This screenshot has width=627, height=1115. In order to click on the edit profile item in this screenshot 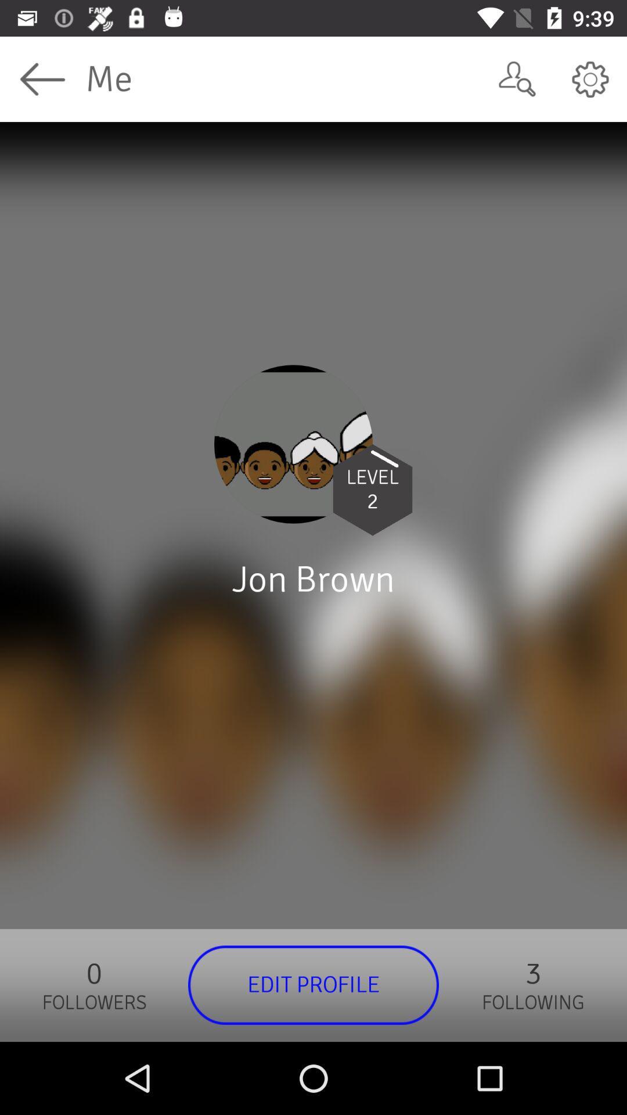, I will do `click(313, 984)`.